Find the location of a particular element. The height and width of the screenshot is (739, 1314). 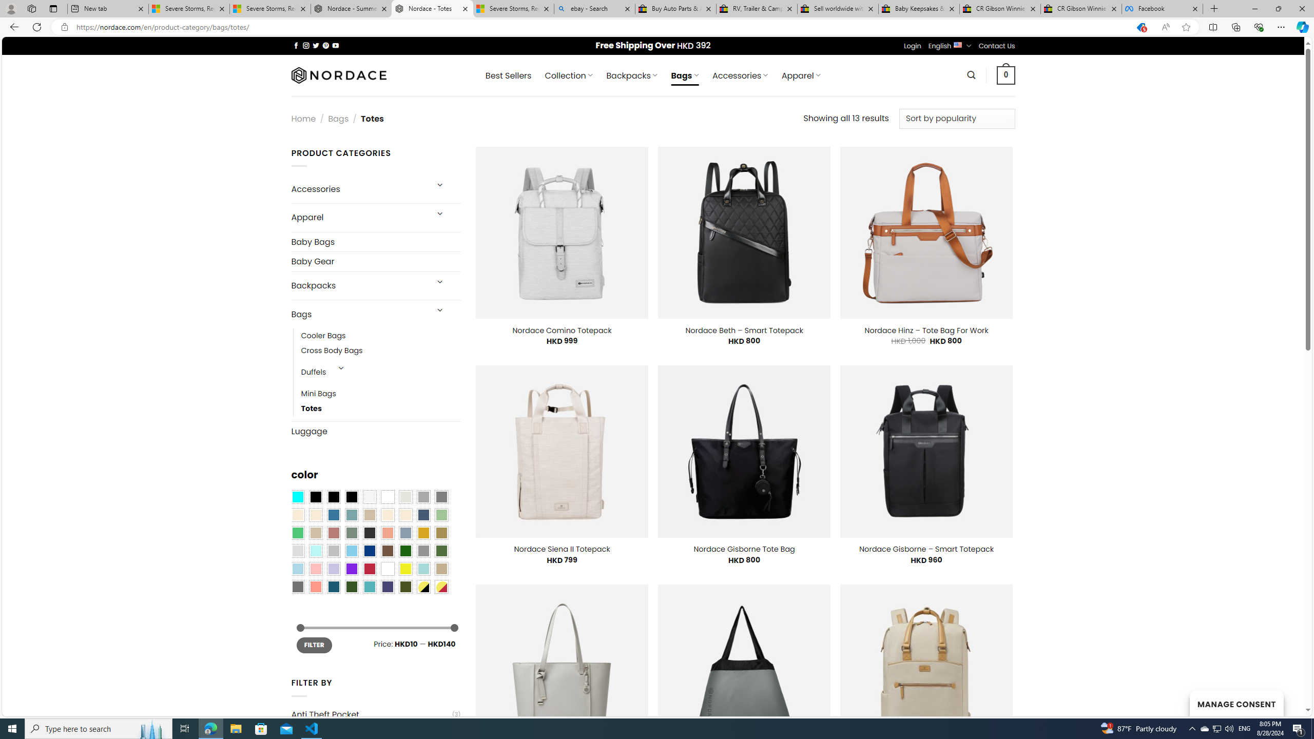

'Baby Keepsakes & Announcements for sale | eBay' is located at coordinates (918, 8).